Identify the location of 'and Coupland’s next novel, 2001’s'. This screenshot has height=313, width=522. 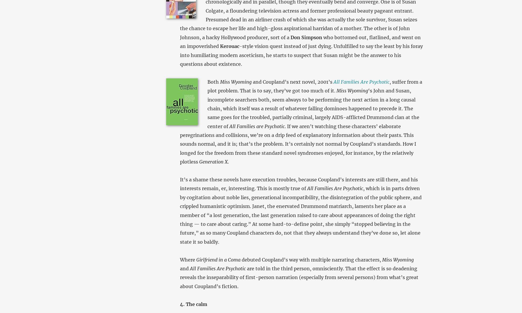
(292, 81).